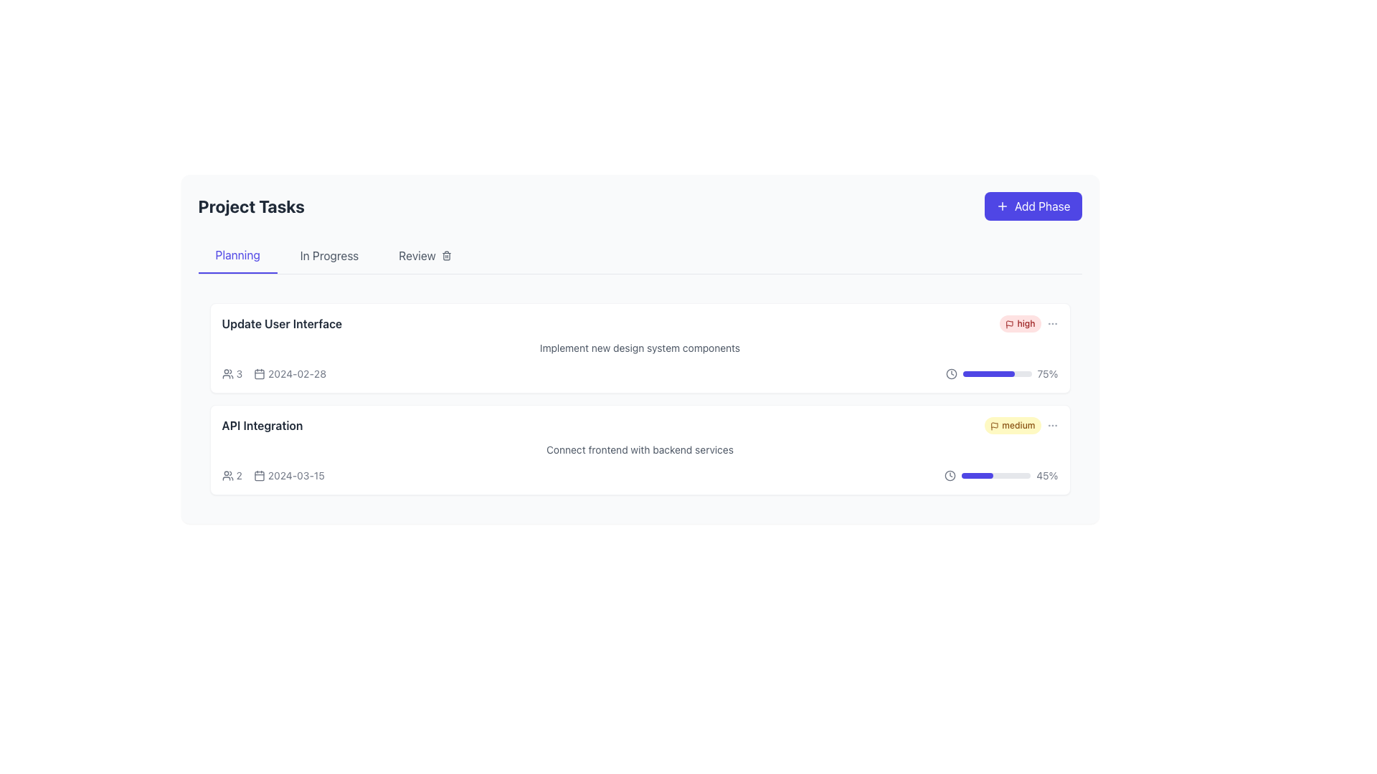 The width and height of the screenshot is (1377, 774). I want to click on the Text label displaying the number of users or collaborators in the 'API Integration' section of the 'Planning' tab, so click(232, 475).